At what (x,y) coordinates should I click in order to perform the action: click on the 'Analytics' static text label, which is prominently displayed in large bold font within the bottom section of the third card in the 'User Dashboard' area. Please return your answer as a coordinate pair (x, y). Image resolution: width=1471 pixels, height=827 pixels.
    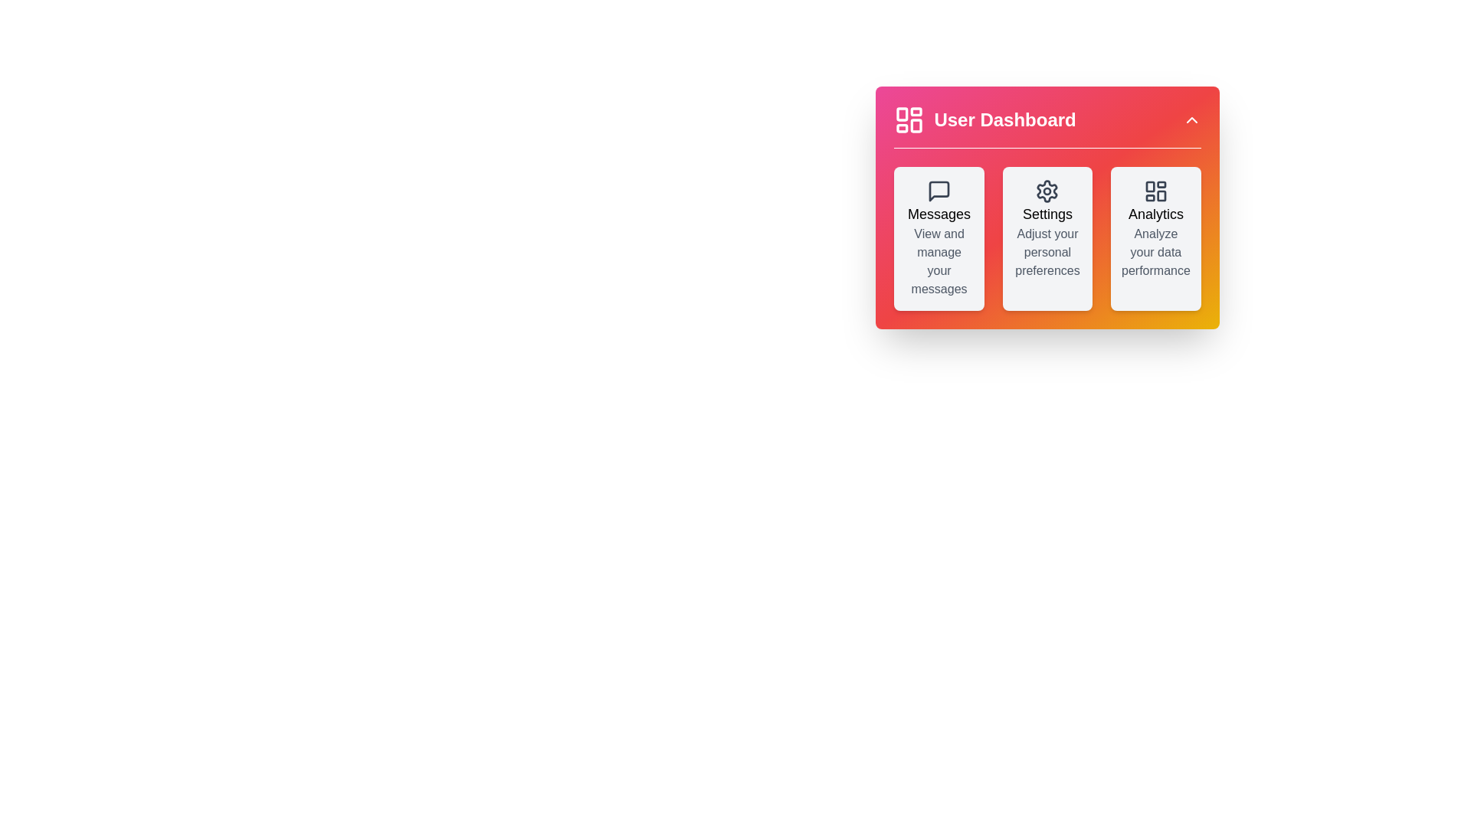
    Looking at the image, I should click on (1155, 214).